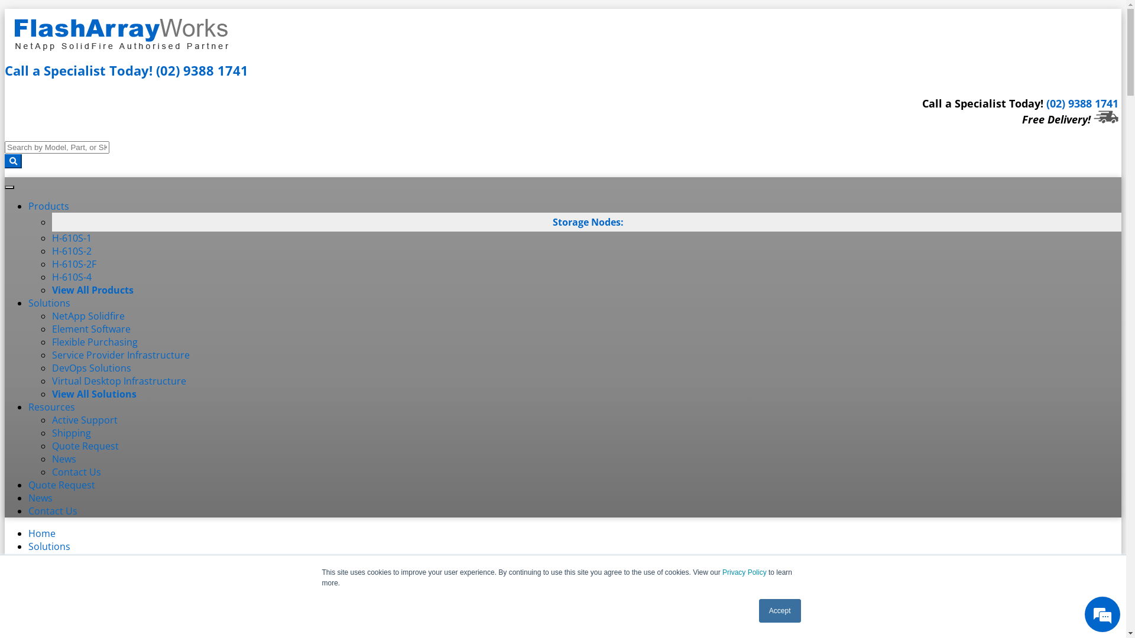 Image resolution: width=1135 pixels, height=638 pixels. I want to click on 'Virtual Desktop Infrastructure', so click(119, 380).